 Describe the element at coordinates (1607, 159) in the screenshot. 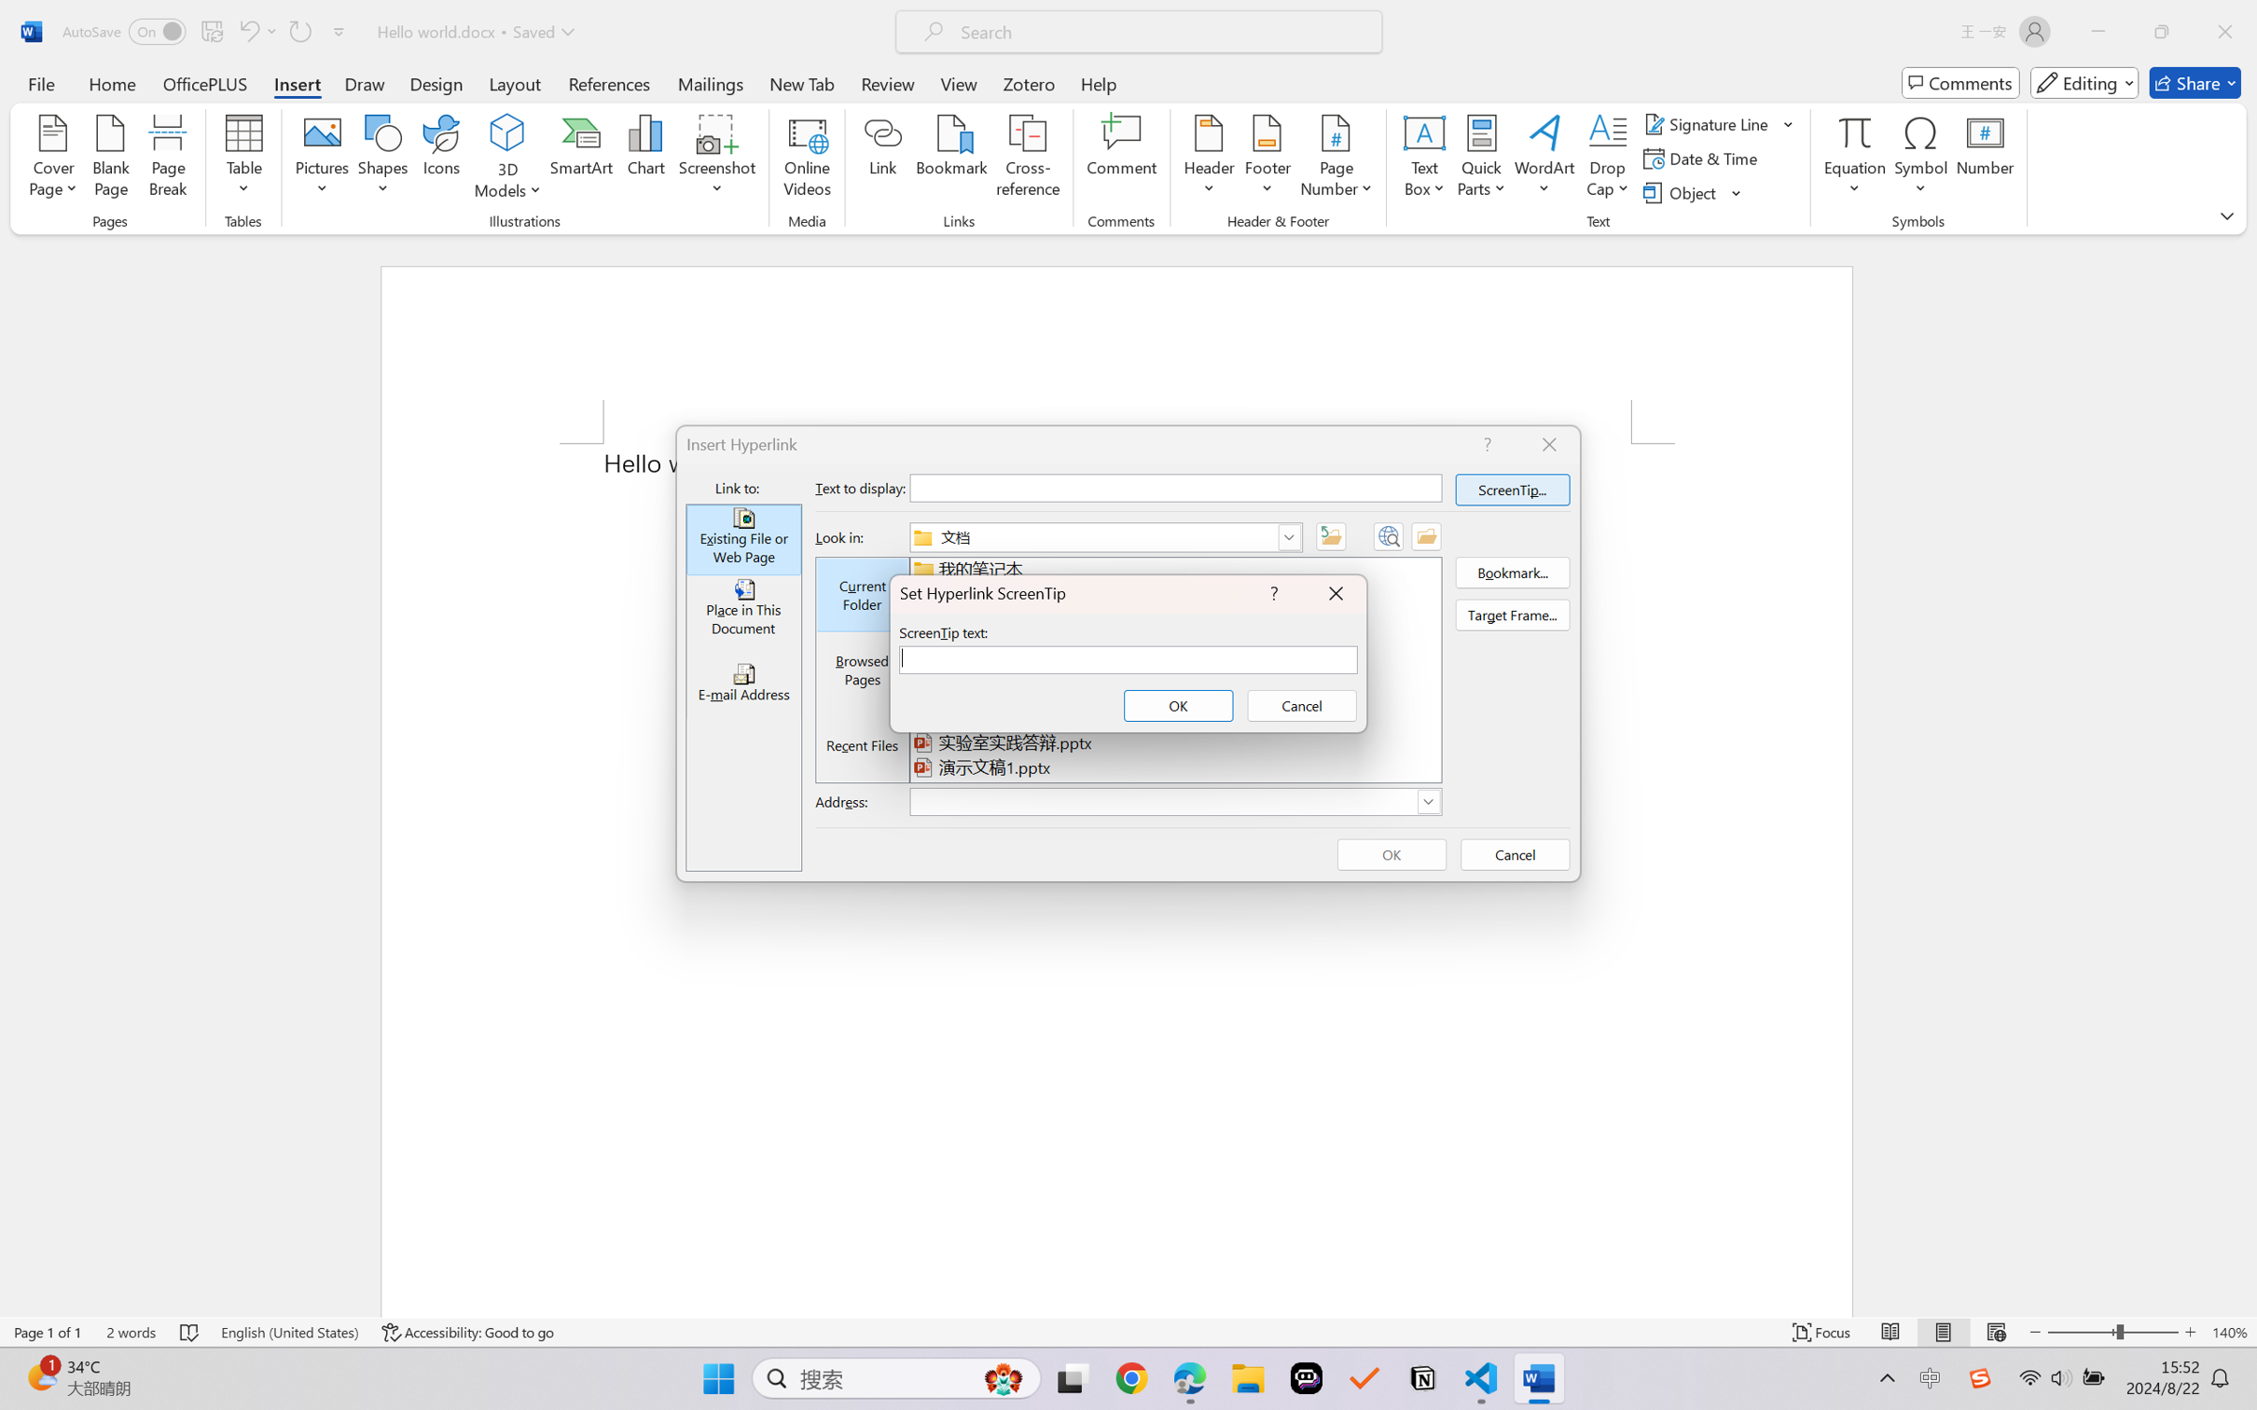

I see `'Drop Cap'` at that location.